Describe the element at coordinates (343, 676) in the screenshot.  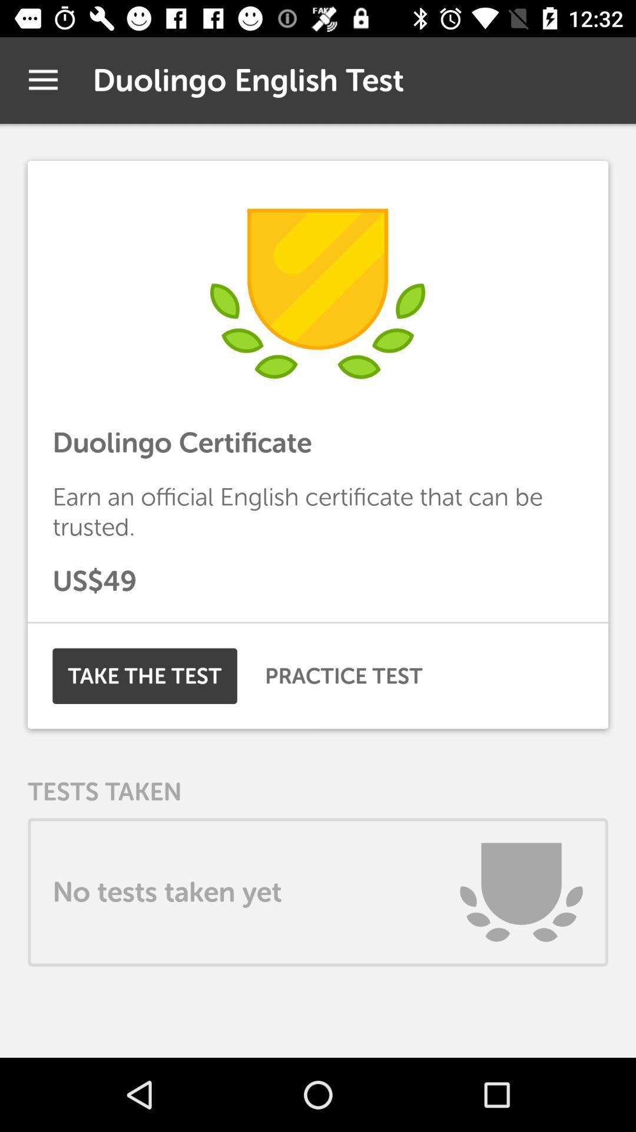
I see `item next to take the test icon` at that location.